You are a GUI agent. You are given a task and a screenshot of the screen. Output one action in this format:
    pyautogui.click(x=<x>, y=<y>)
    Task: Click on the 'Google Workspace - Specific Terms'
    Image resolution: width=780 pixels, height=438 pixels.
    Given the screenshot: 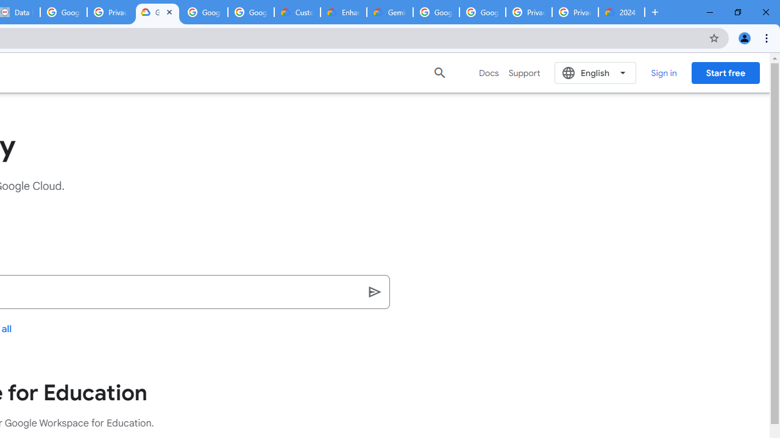 What is the action you would take?
    pyautogui.click(x=250, y=12)
    